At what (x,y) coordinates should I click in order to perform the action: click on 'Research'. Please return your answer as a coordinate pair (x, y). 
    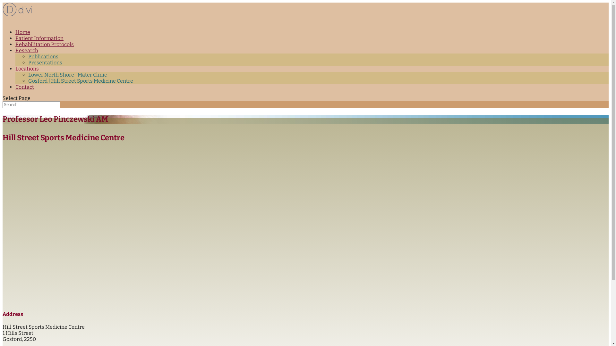
    Looking at the image, I should click on (26, 53).